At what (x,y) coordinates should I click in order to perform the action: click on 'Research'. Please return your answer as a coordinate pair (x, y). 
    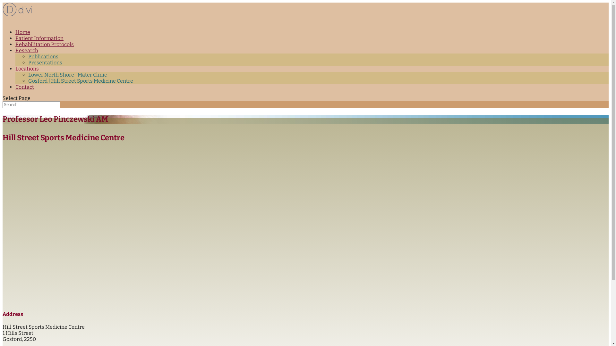
    Looking at the image, I should click on (26, 53).